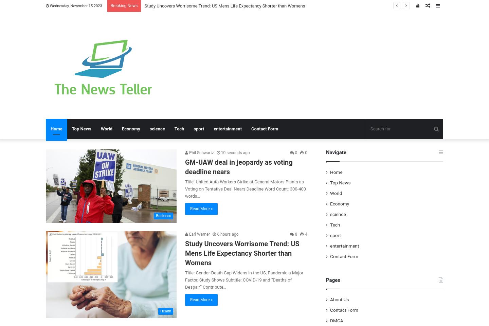 This screenshot has height=326, width=489. Describe the element at coordinates (336, 152) in the screenshot. I see `'Navigate'` at that location.